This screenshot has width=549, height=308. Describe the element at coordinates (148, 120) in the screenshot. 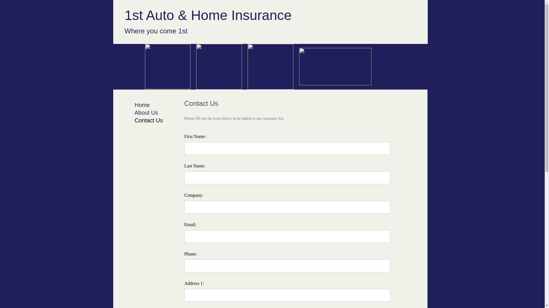

I see `'Contact Us'` at that location.